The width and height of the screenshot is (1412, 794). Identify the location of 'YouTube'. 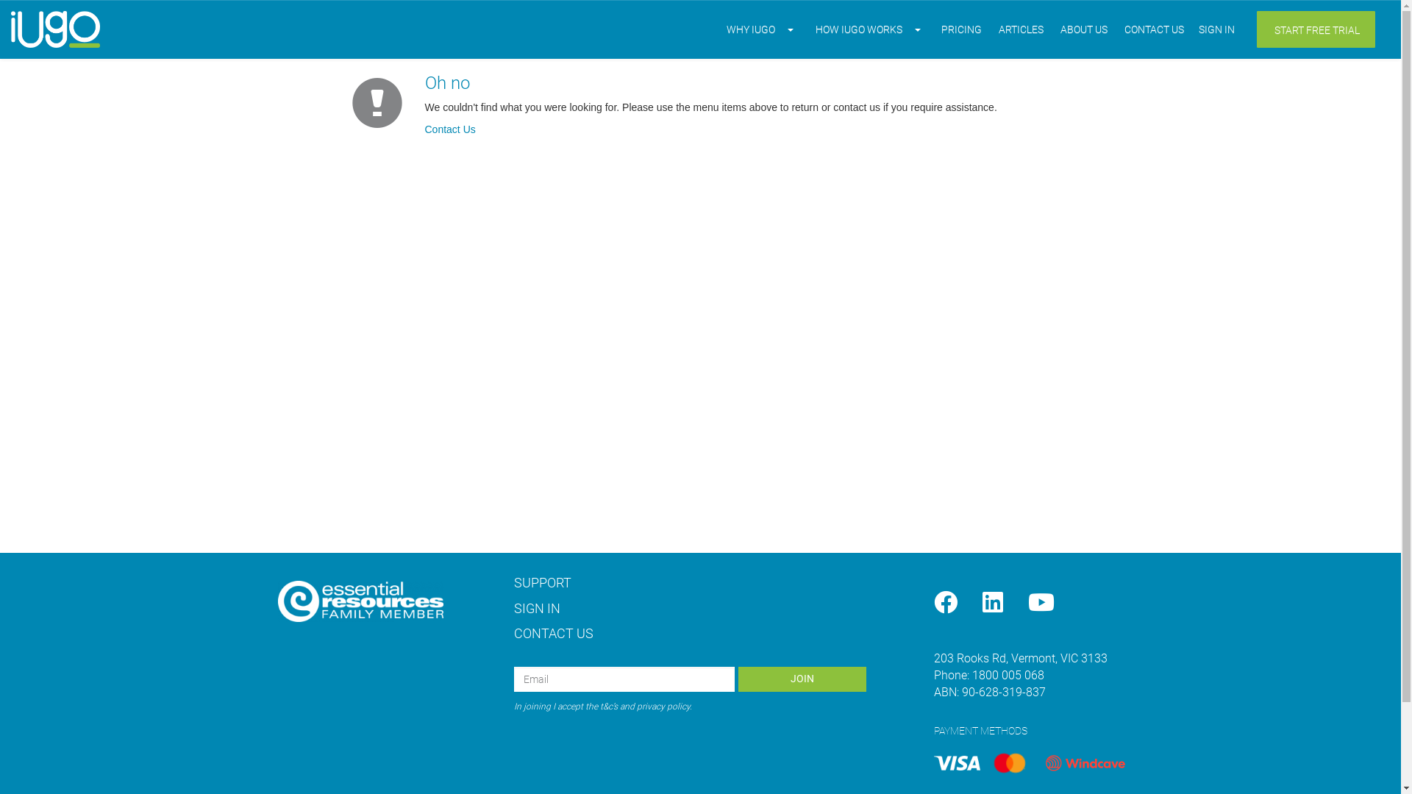
(1041, 603).